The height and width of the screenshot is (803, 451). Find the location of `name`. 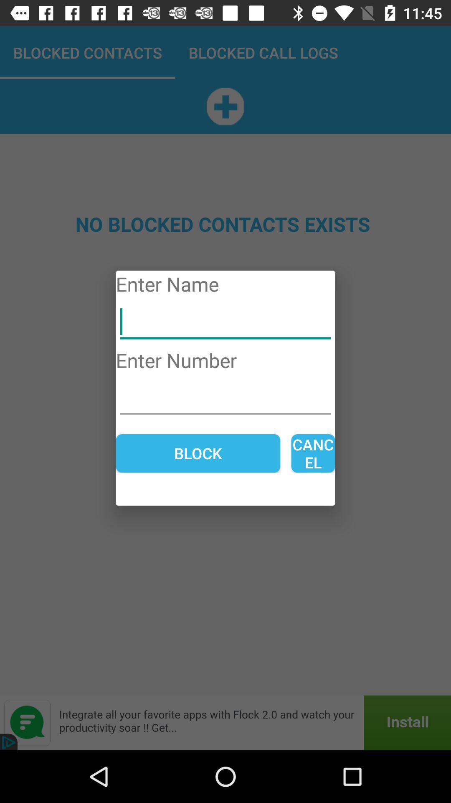

name is located at coordinates (225, 322).